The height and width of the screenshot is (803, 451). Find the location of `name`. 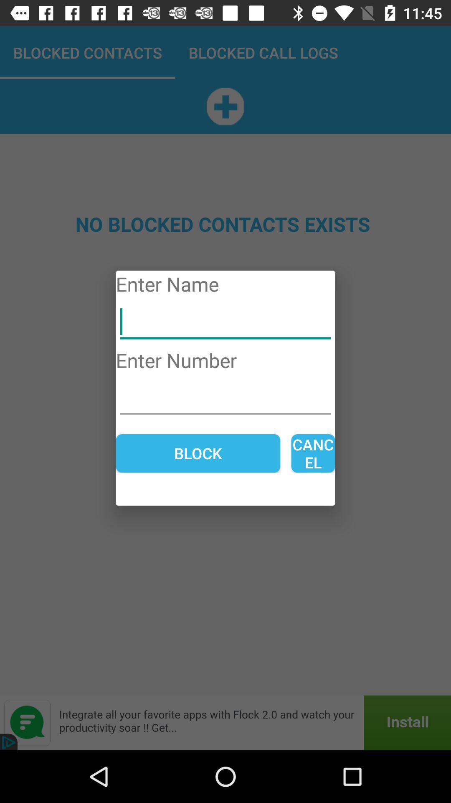

name is located at coordinates (225, 322).